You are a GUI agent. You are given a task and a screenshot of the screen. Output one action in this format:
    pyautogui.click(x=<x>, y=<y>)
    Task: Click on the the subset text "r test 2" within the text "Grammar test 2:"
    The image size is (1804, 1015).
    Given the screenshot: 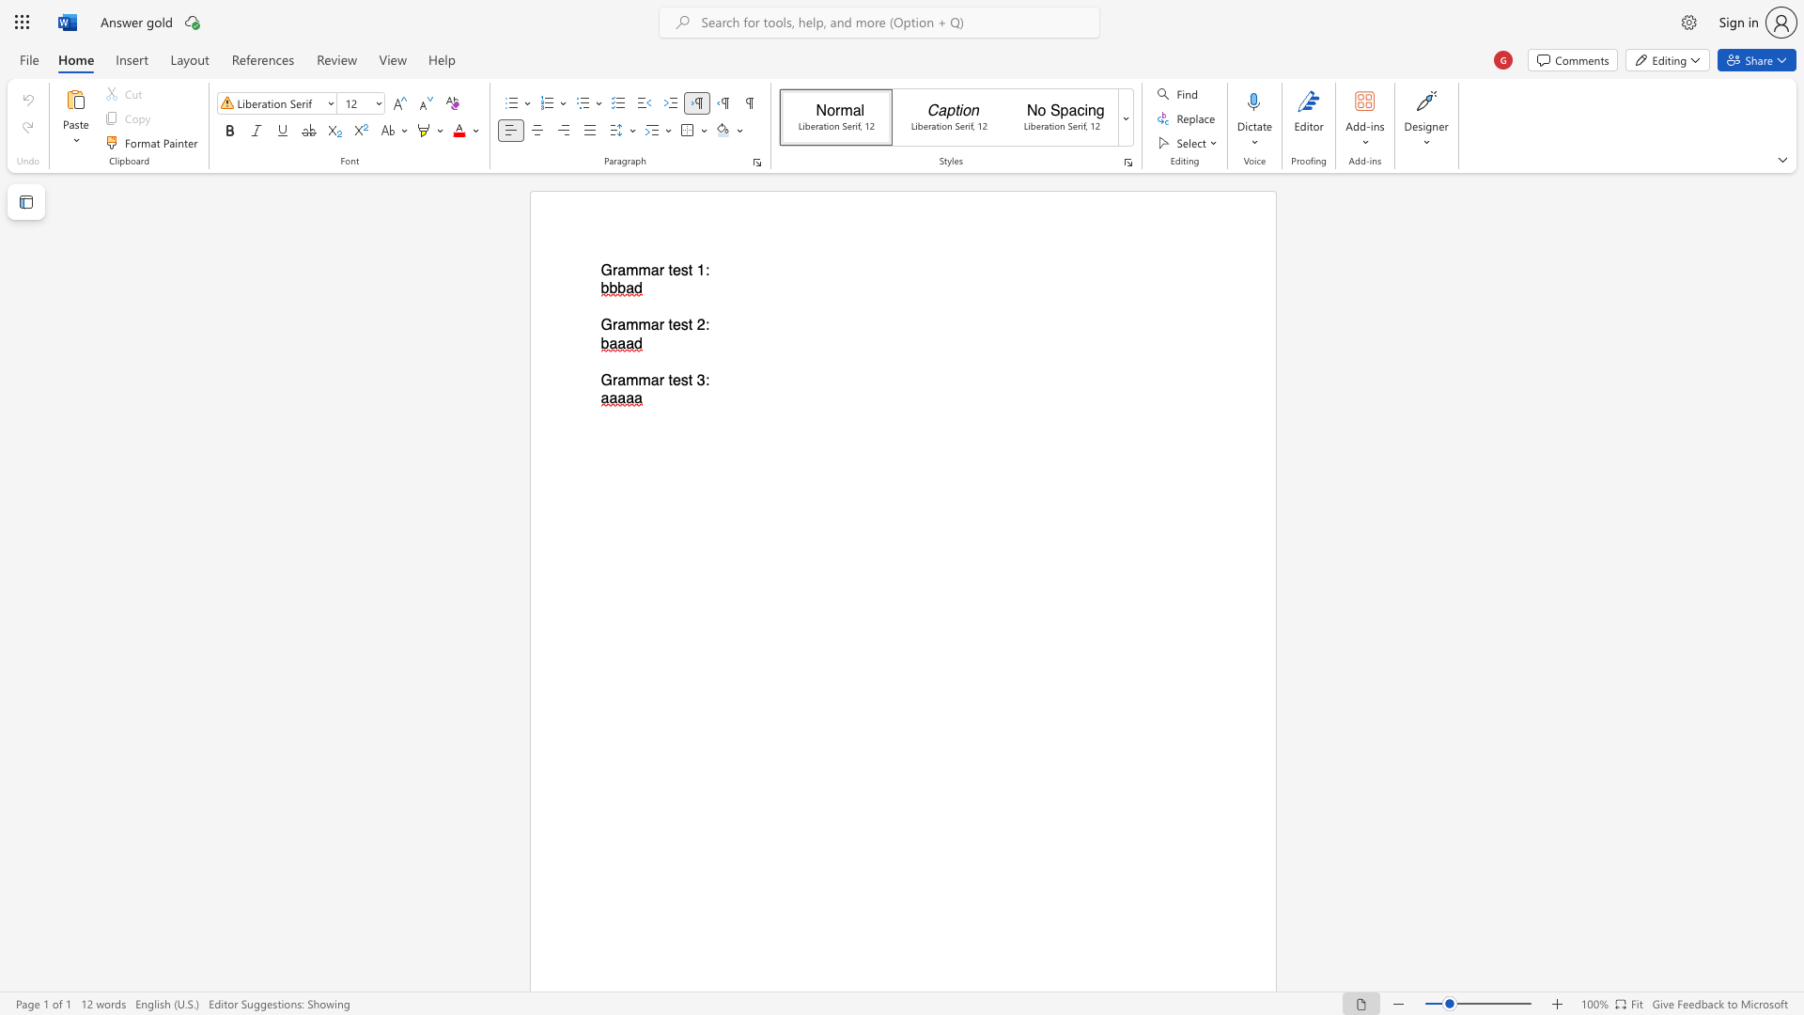 What is the action you would take?
    pyautogui.click(x=659, y=324)
    